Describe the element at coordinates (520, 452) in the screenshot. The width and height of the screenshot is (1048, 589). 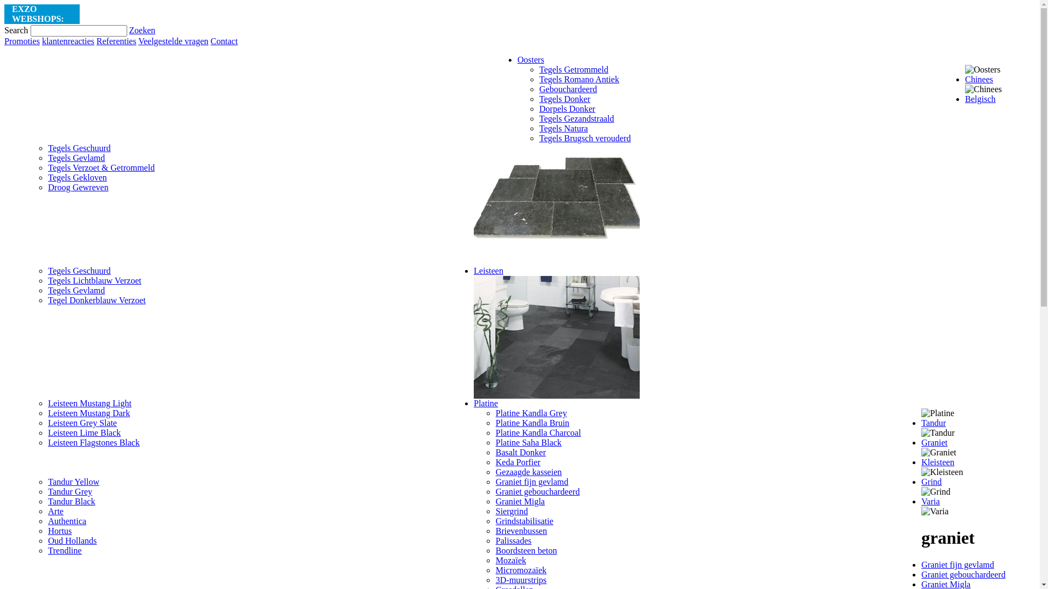
I see `'Basalt Donker'` at that location.